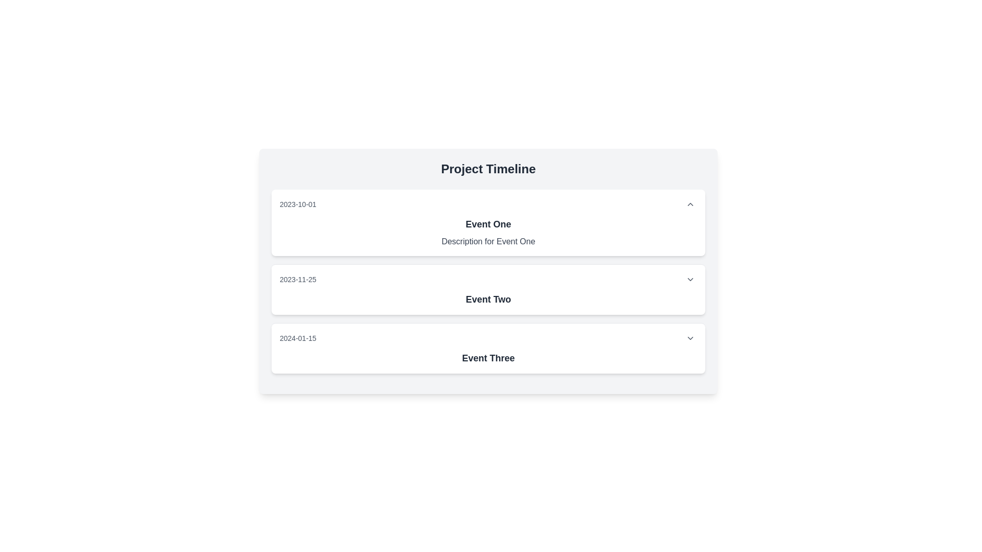 This screenshot has height=552, width=982. Describe the element at coordinates (488, 358) in the screenshot. I see `text displayed in the title of the event, which is 'Event Three', located in the lower section of the third card in the event list` at that location.